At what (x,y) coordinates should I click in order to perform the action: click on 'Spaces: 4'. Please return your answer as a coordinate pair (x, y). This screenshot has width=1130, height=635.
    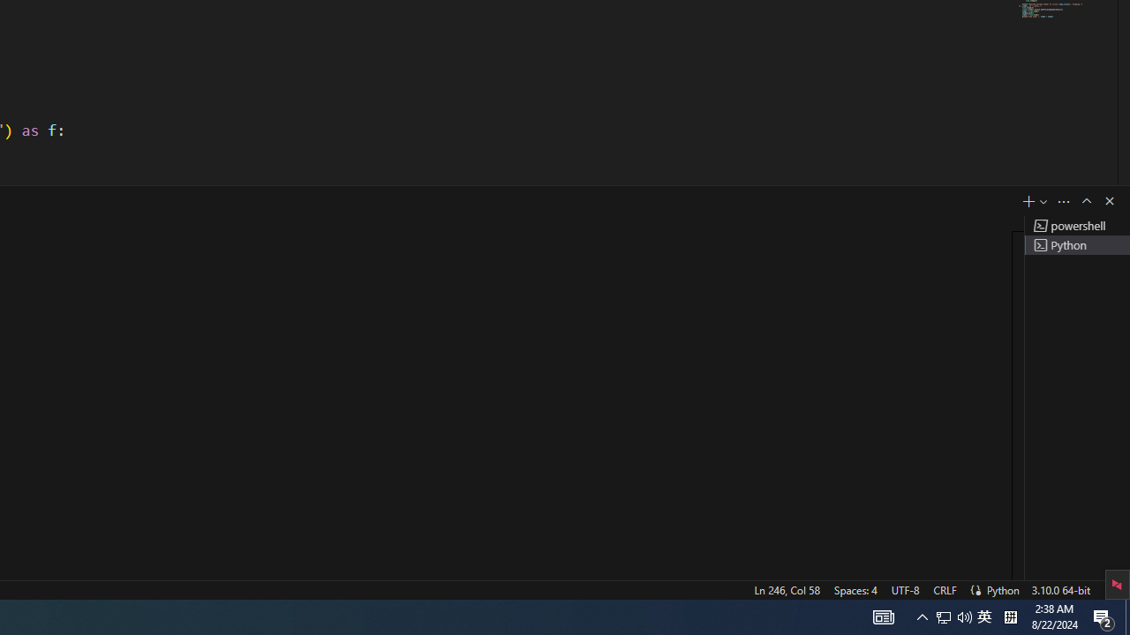
    Looking at the image, I should click on (855, 589).